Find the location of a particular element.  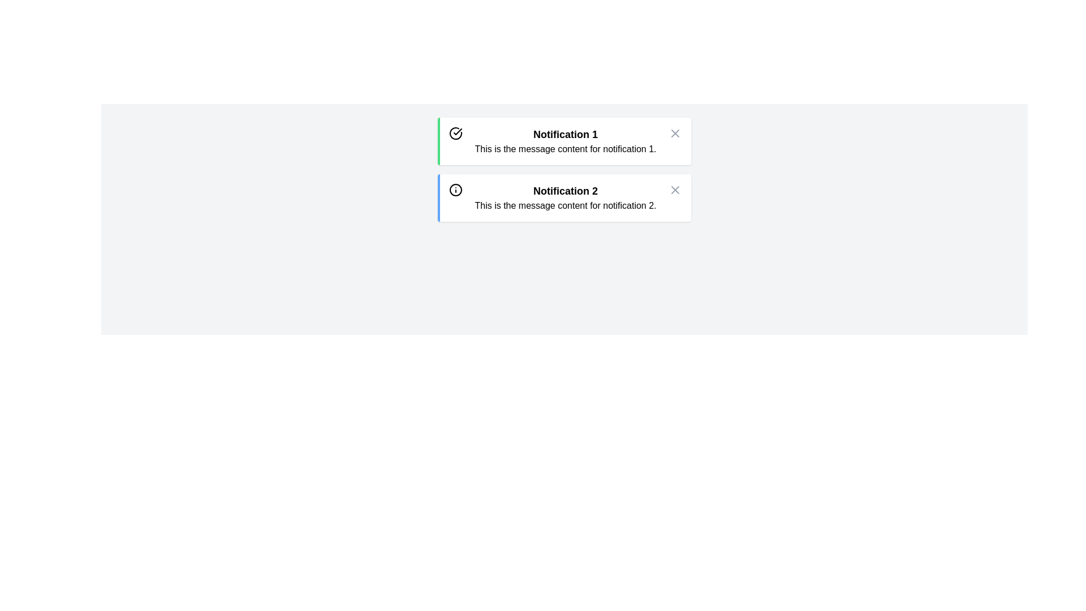

the gray 'X' close icon located at the top-right corner of the notification box labeled 'Notification 1' is located at coordinates (675, 132).